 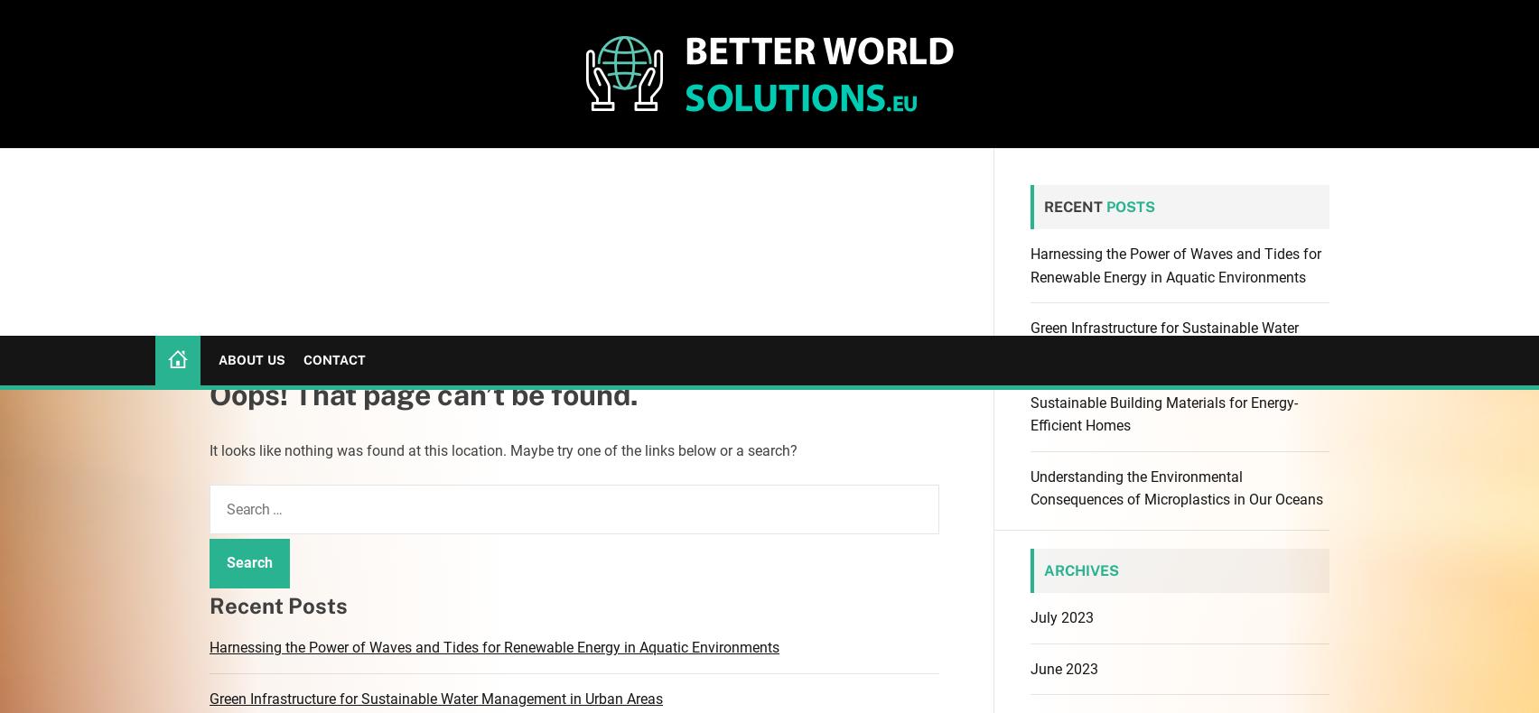 What do you see at coordinates (332, 23) in the screenshot?
I see `'Contact'` at bounding box center [332, 23].